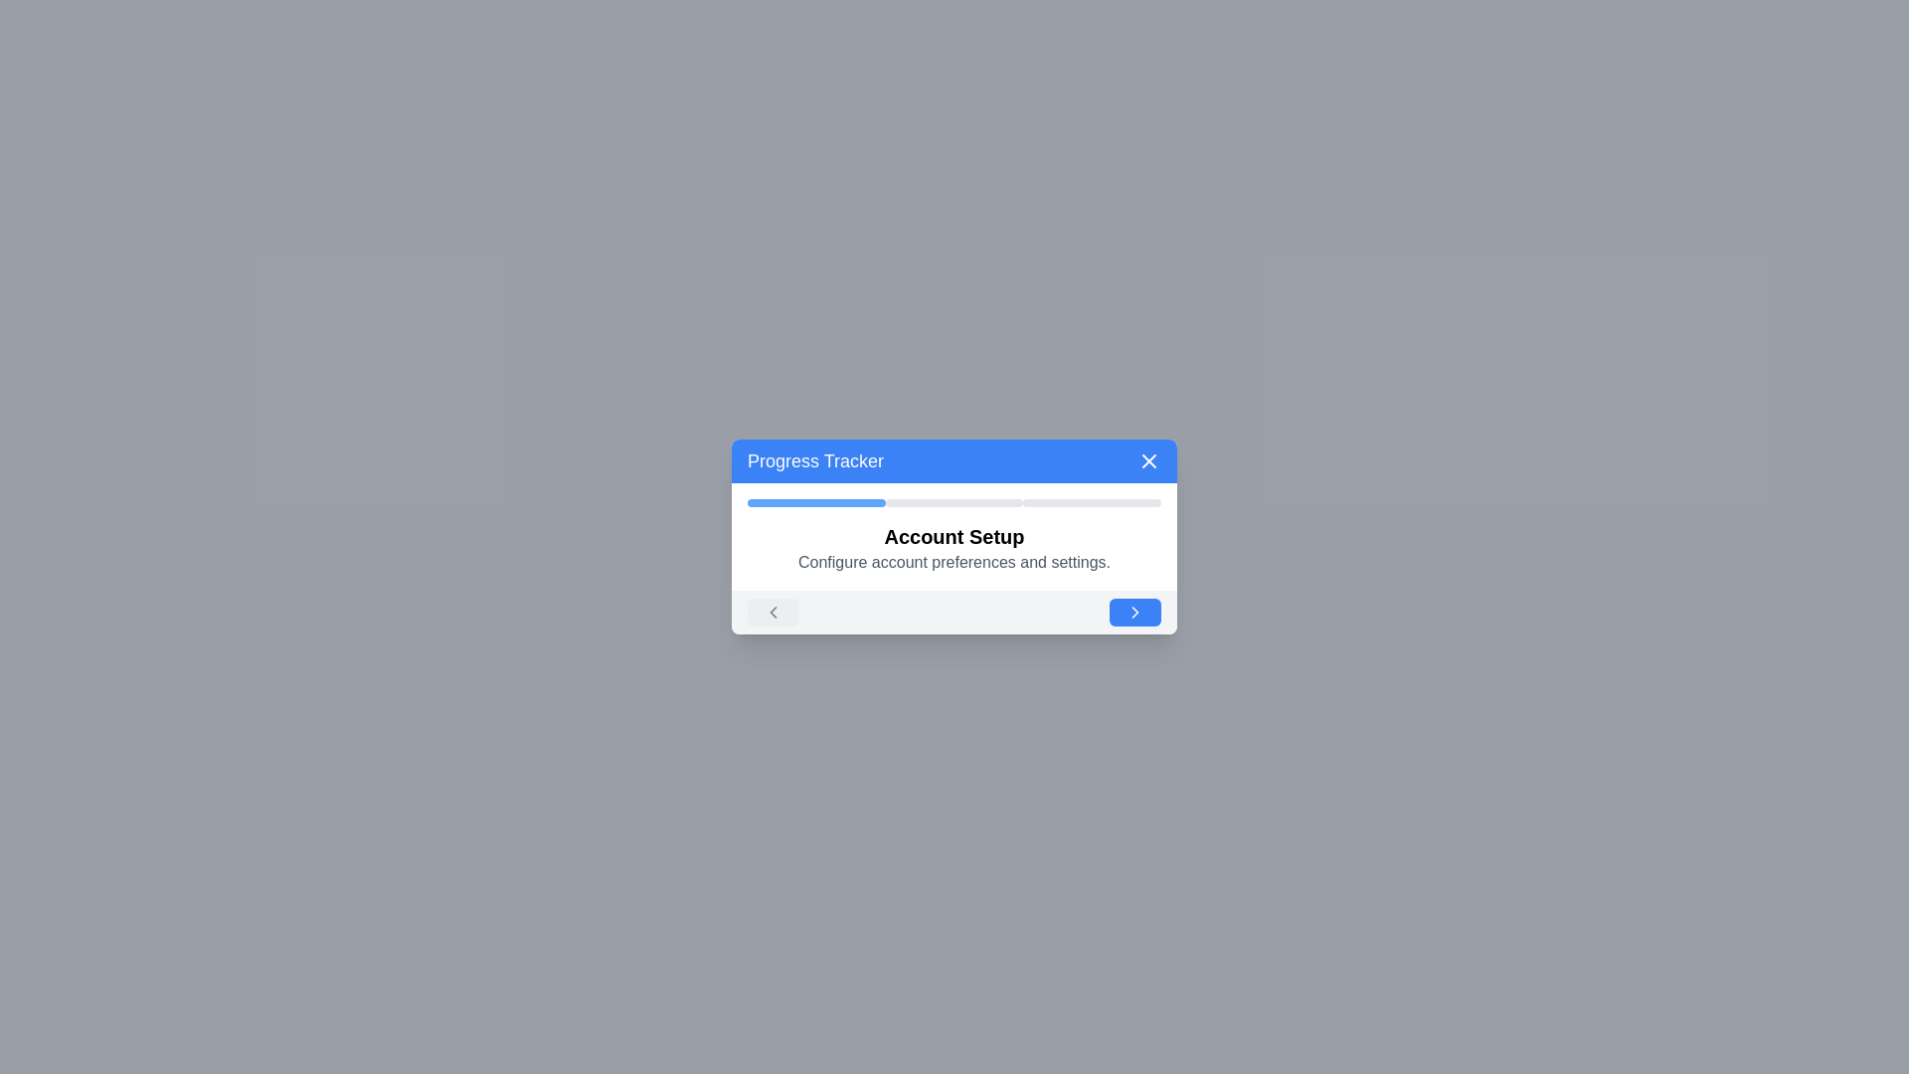 The height and width of the screenshot is (1074, 1909). Describe the element at coordinates (772, 612) in the screenshot. I see `the vector-based graphical icon embedded within the navigation button located on the left side of the window's footer area` at that location.